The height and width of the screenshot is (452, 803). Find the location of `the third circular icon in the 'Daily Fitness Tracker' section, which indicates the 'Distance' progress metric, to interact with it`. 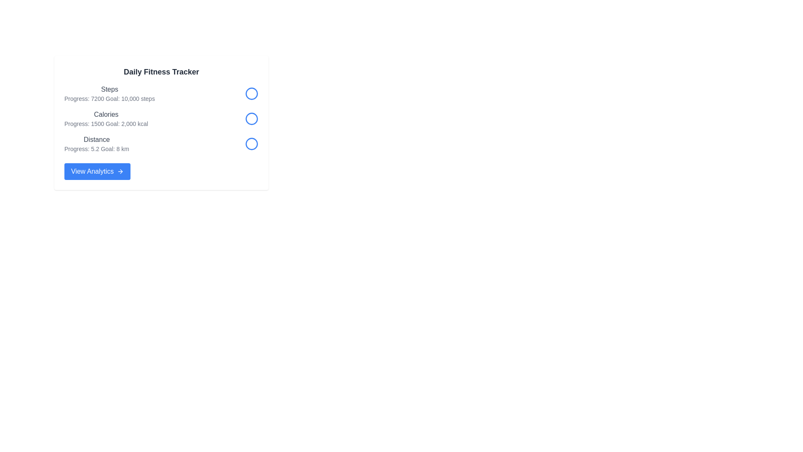

the third circular icon in the 'Daily Fitness Tracker' section, which indicates the 'Distance' progress metric, to interact with it is located at coordinates (251, 143).